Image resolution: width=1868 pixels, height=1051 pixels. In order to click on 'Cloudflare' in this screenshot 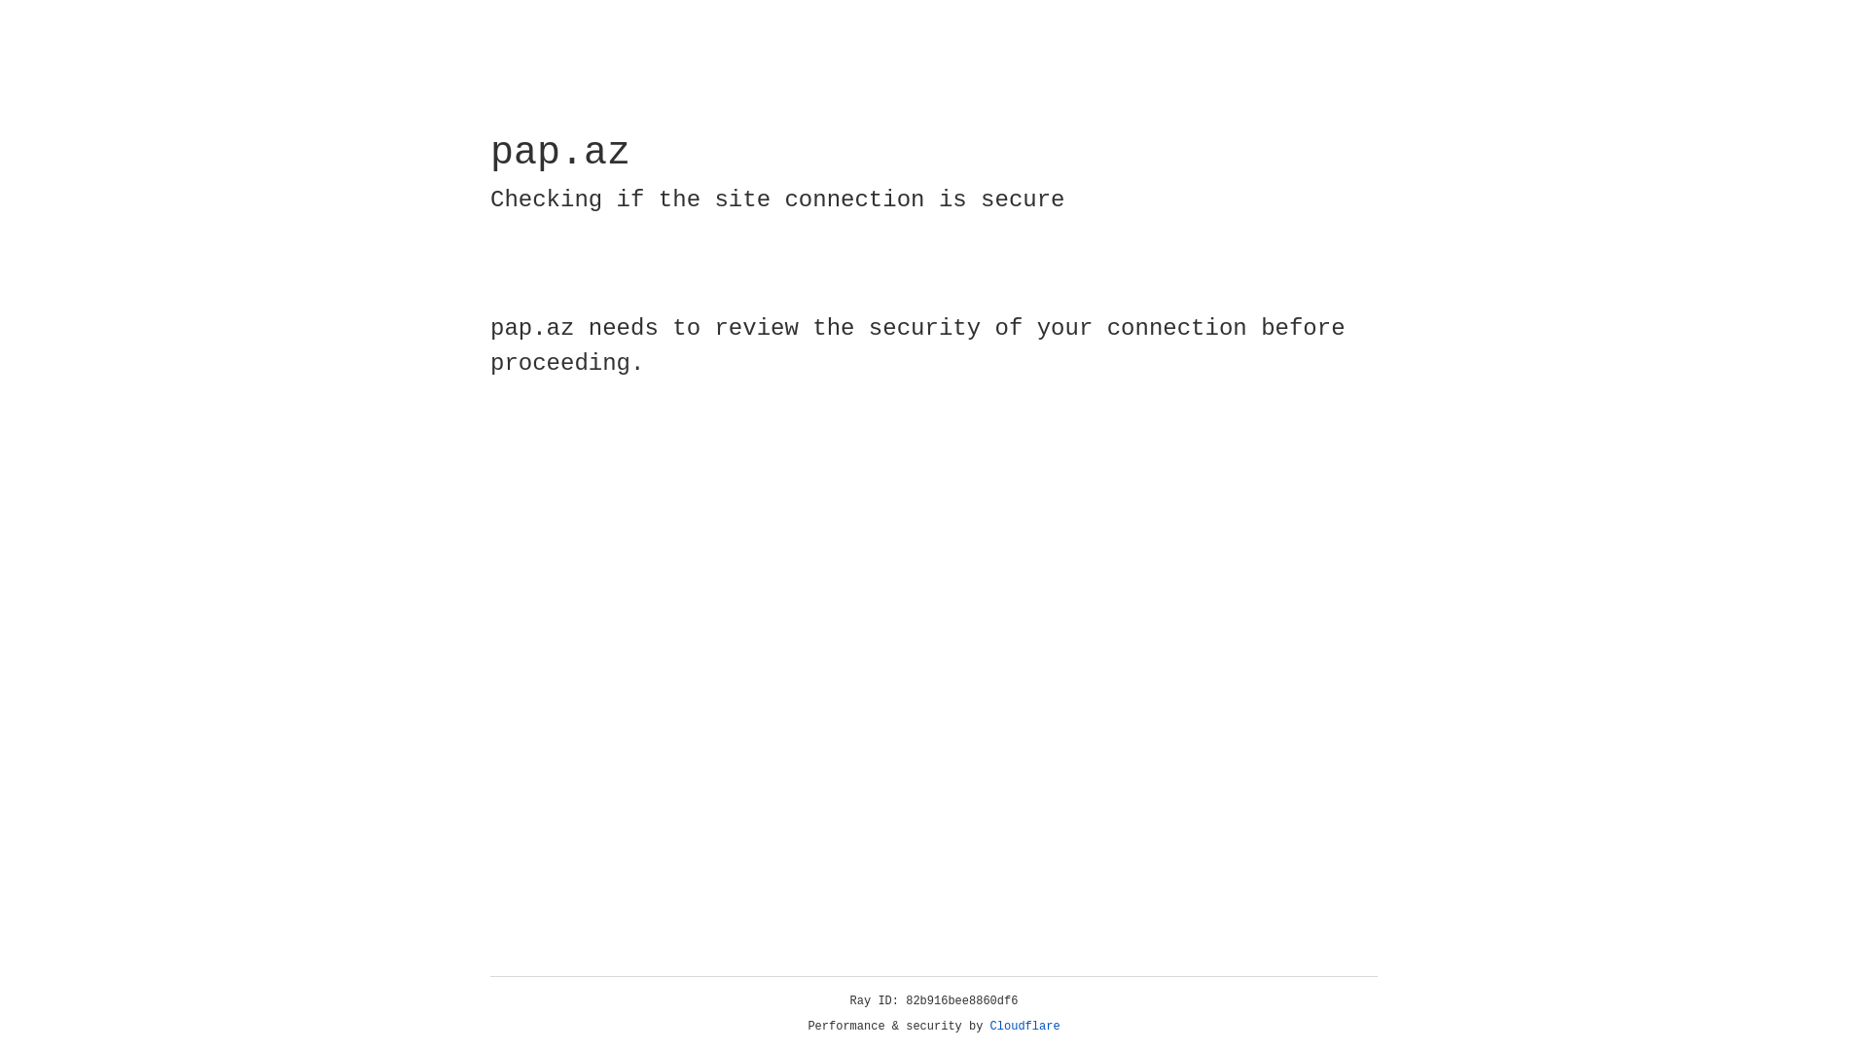, I will do `click(1024, 1026)`.